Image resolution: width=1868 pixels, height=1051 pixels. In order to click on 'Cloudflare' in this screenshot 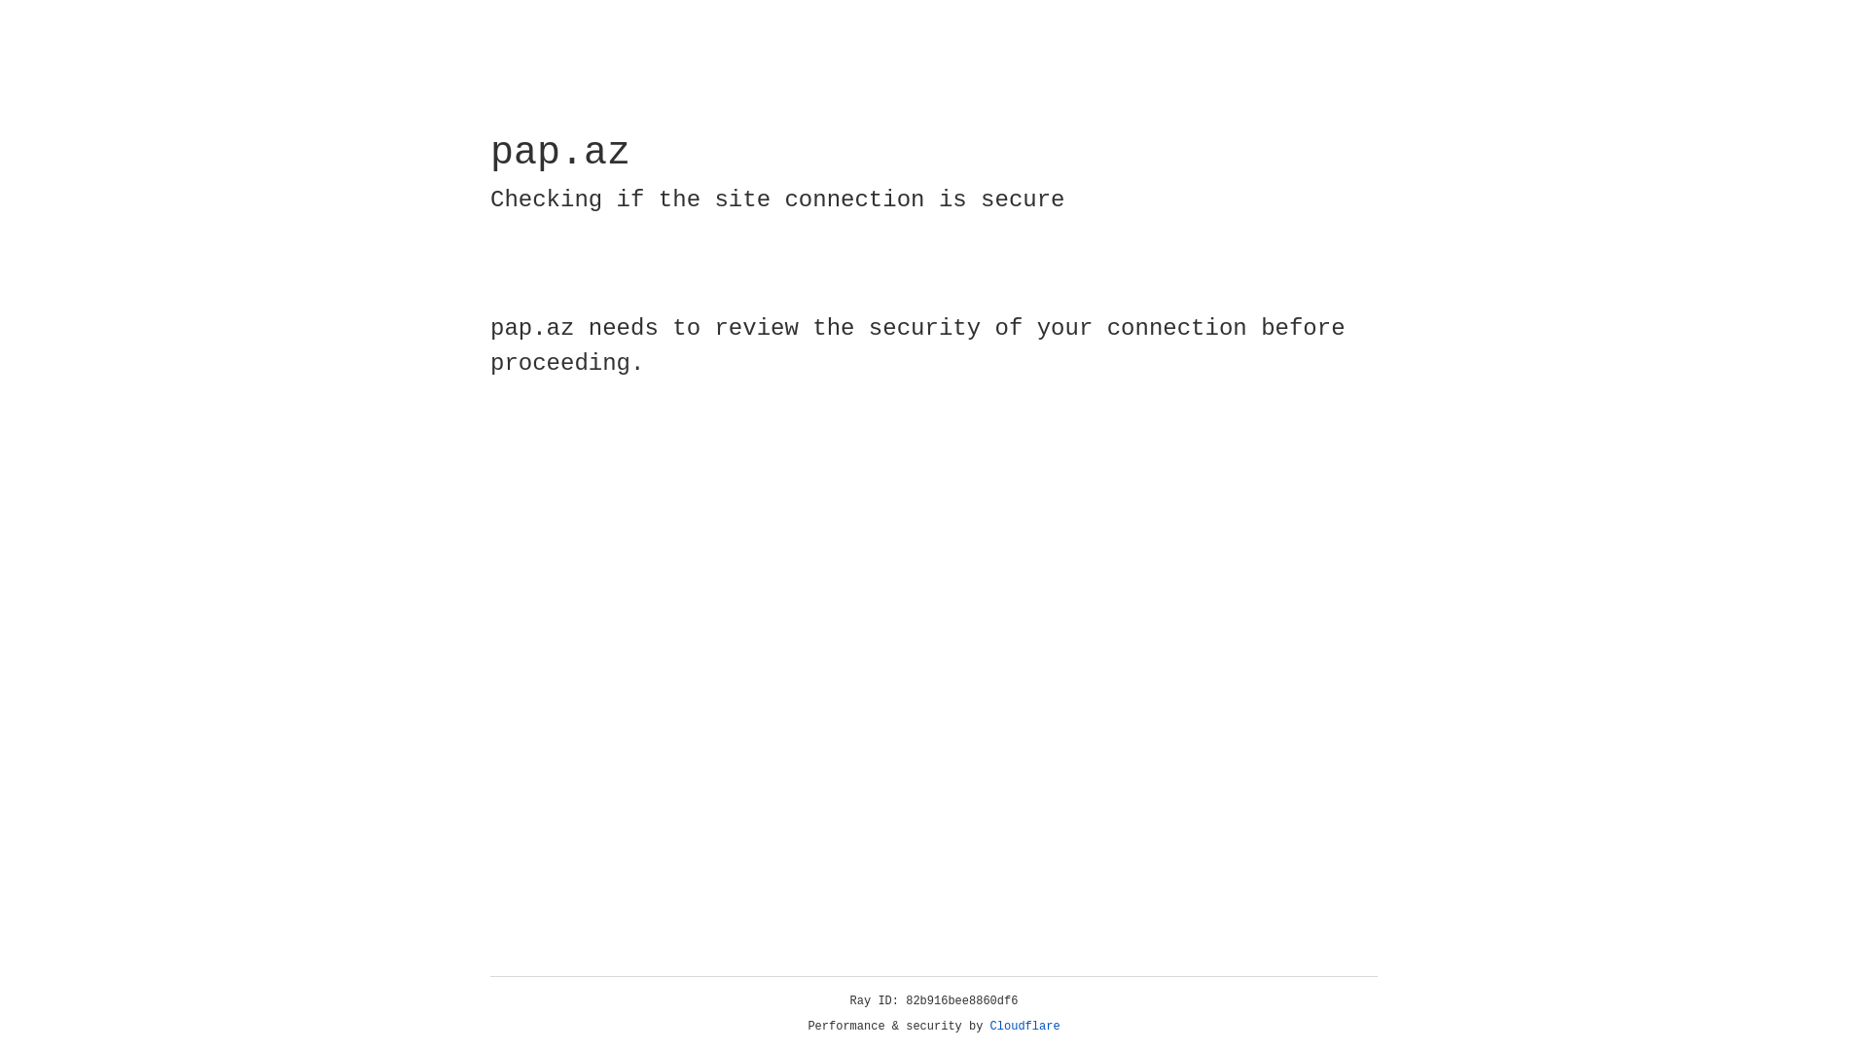, I will do `click(1024, 1026)`.